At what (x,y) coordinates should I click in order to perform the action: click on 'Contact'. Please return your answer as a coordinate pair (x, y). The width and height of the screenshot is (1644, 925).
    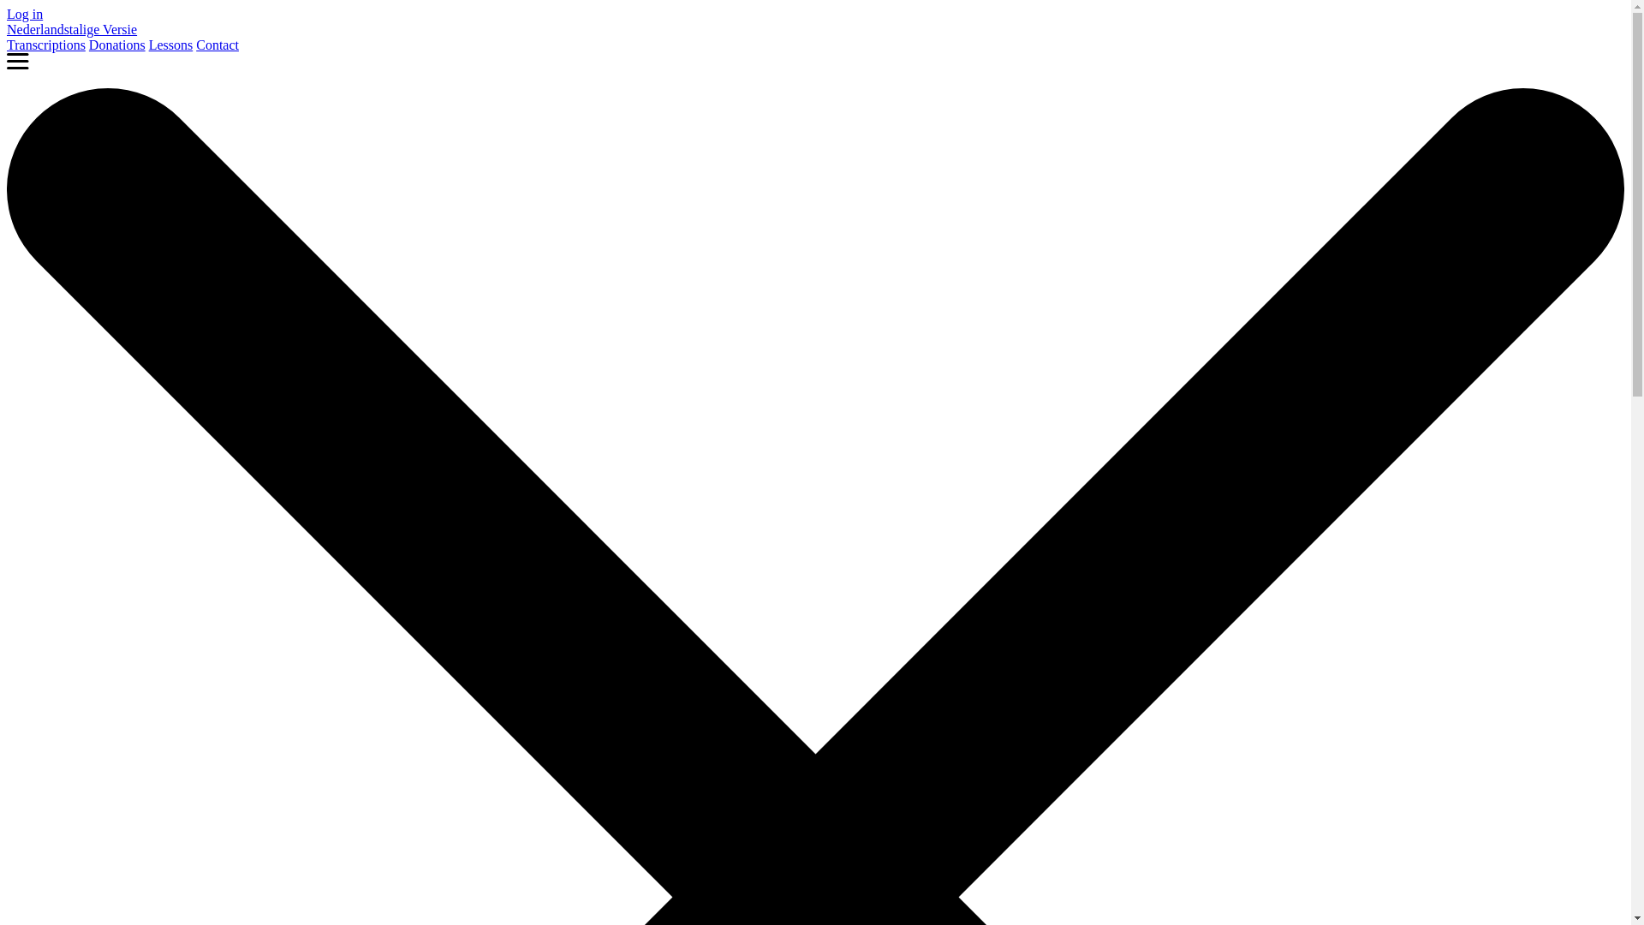
    Looking at the image, I should click on (217, 44).